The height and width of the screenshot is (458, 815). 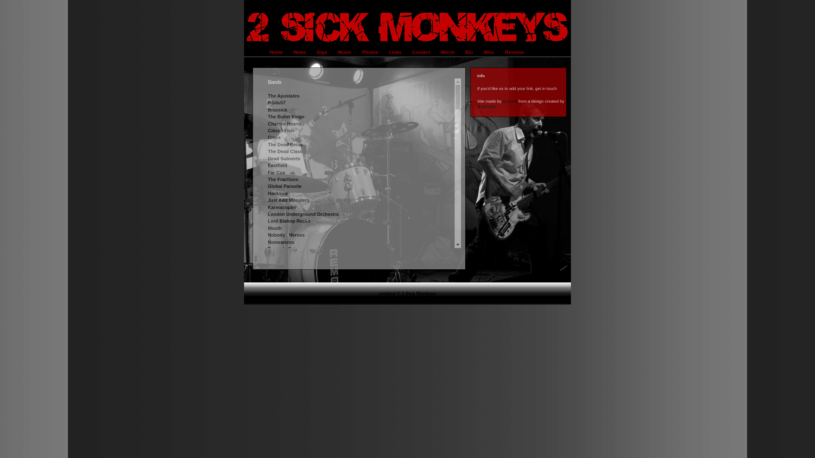 I want to click on 'The Dead Betas', so click(x=285, y=144).